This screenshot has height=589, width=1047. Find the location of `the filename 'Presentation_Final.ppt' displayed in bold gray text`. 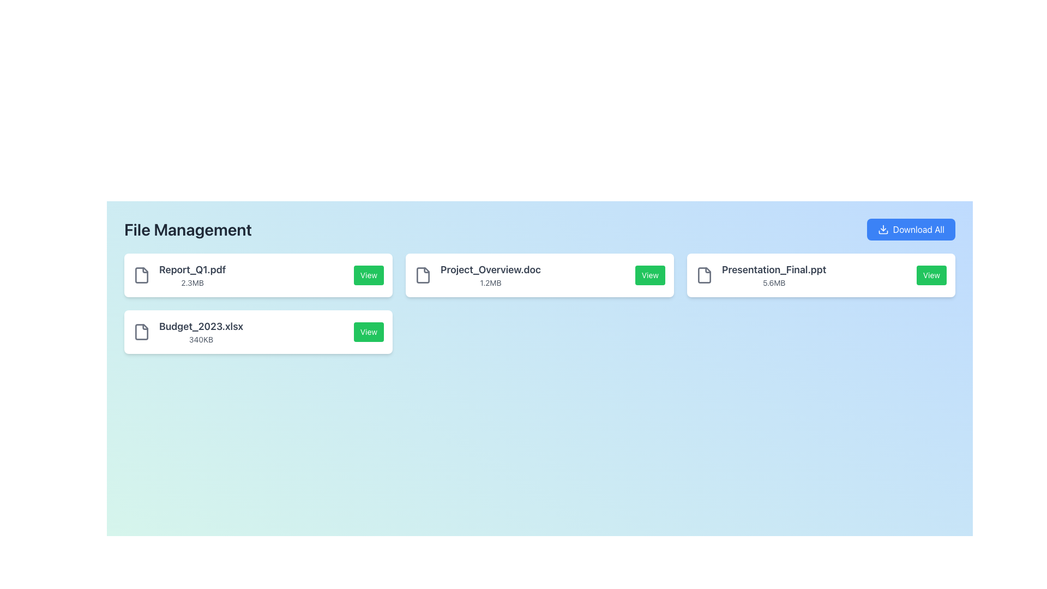

the filename 'Presentation_Final.ppt' displayed in bold gray text is located at coordinates (760, 275).